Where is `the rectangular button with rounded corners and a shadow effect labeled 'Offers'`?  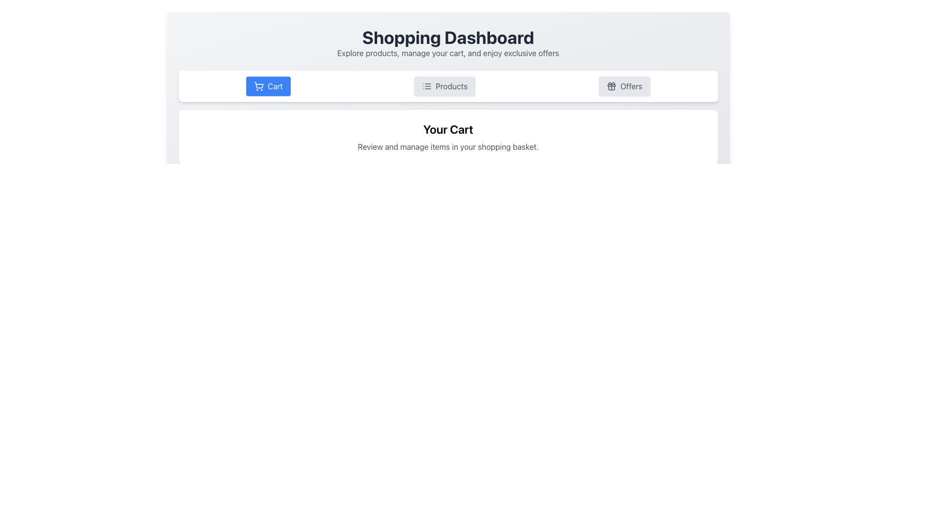 the rectangular button with rounded corners and a shadow effect labeled 'Offers' is located at coordinates (624, 86).